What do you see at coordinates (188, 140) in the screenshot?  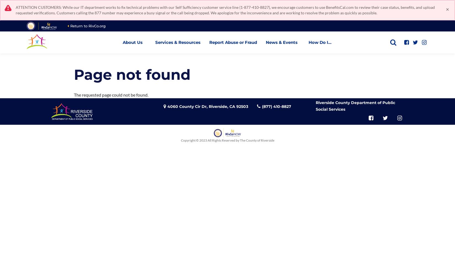 I see `'Copyright'` at bounding box center [188, 140].